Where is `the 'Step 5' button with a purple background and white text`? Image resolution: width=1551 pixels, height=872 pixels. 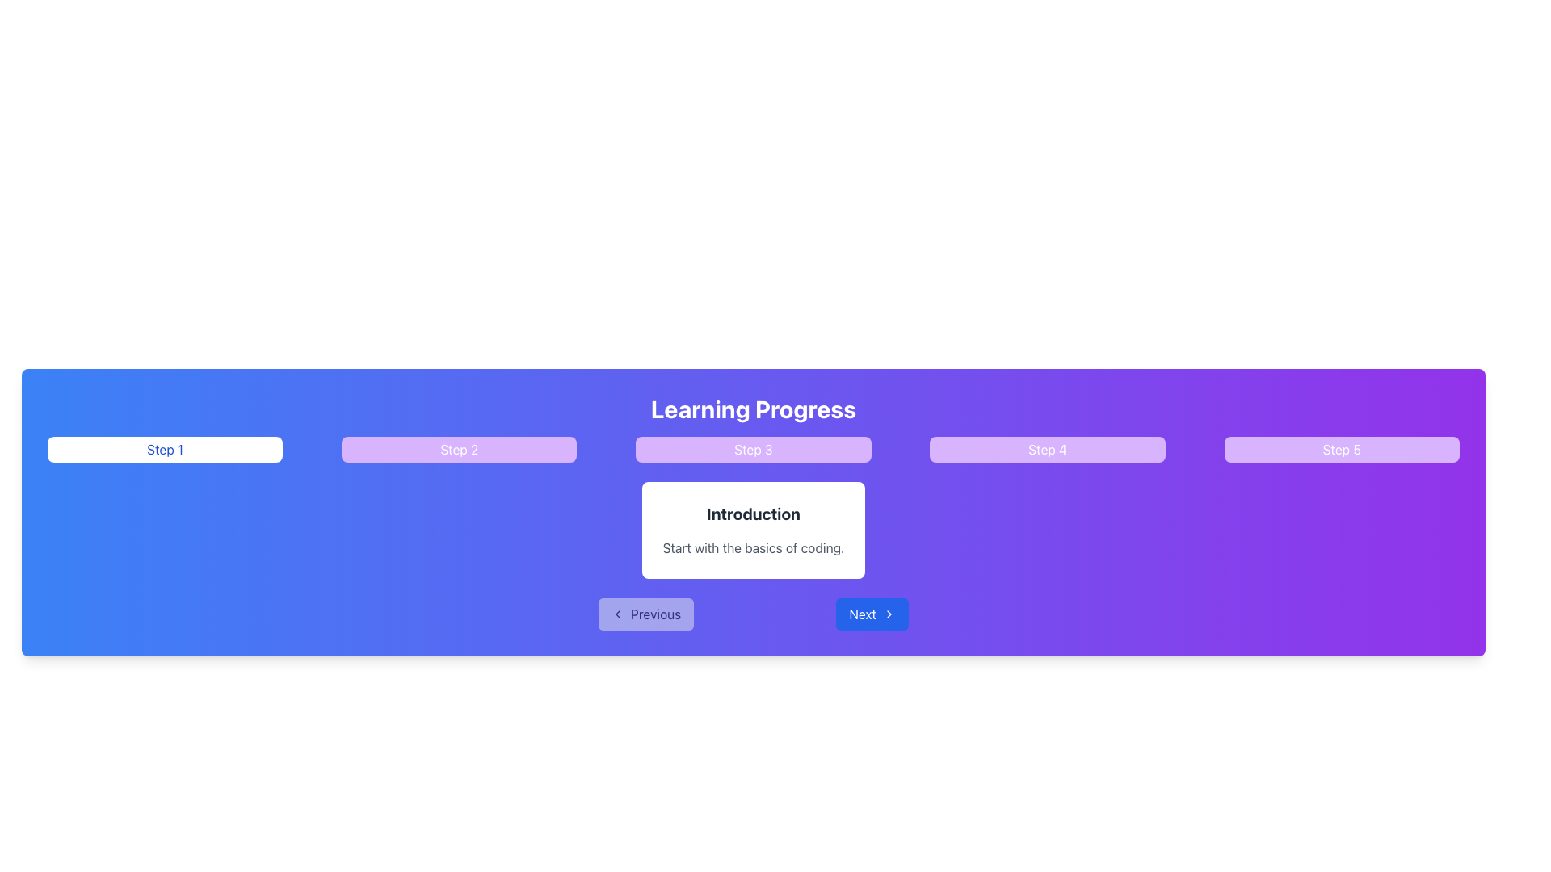 the 'Step 5' button with a purple background and white text is located at coordinates (1342, 449).